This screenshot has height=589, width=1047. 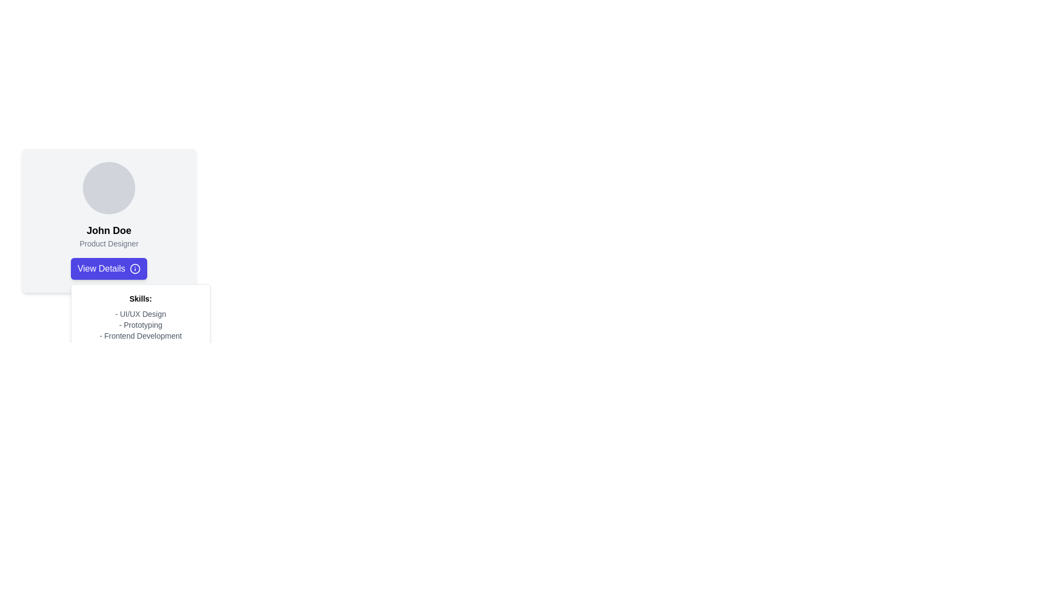 I want to click on the text label containing '- Prototyping' which is styled in a small gray font and is the second item in the skills list, so click(x=140, y=324).